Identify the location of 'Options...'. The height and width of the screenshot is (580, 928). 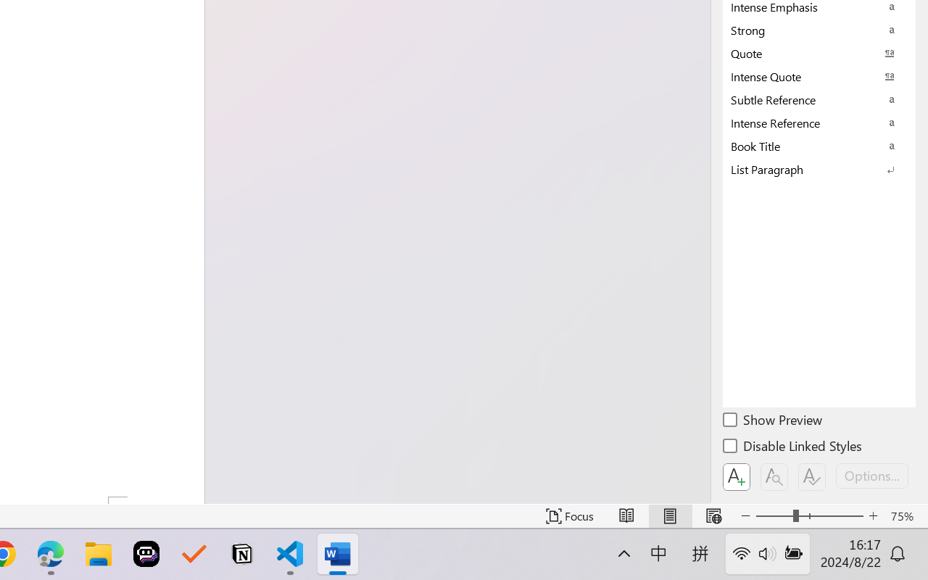
(871, 475).